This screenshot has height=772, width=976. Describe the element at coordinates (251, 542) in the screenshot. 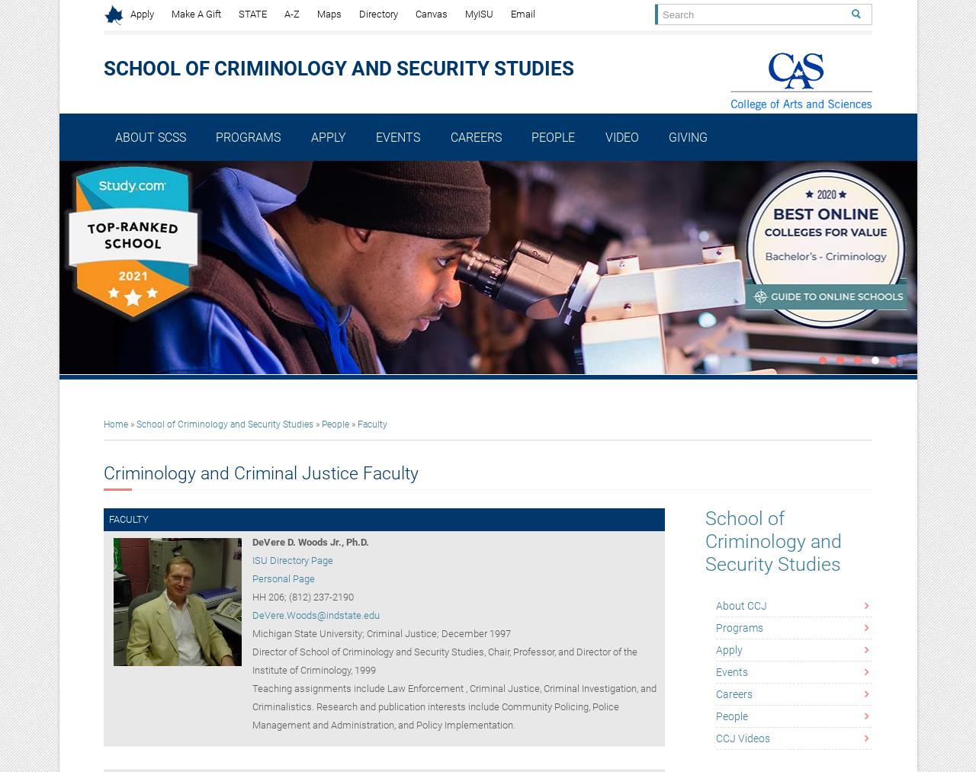

I see `'DeVere D. Woods Jr., Ph.D.'` at that location.